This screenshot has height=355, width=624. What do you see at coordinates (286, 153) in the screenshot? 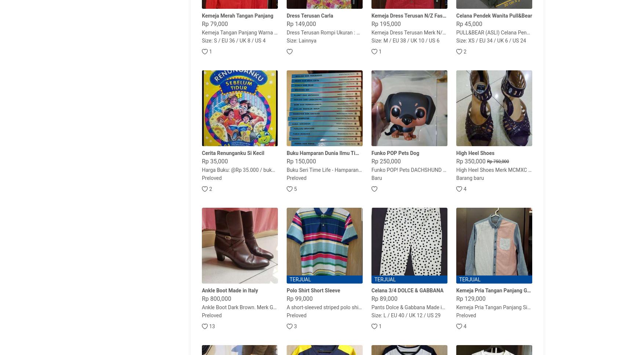
I see `'Buku Hamparan Dunia Ilmu Time-Life'` at bounding box center [286, 153].